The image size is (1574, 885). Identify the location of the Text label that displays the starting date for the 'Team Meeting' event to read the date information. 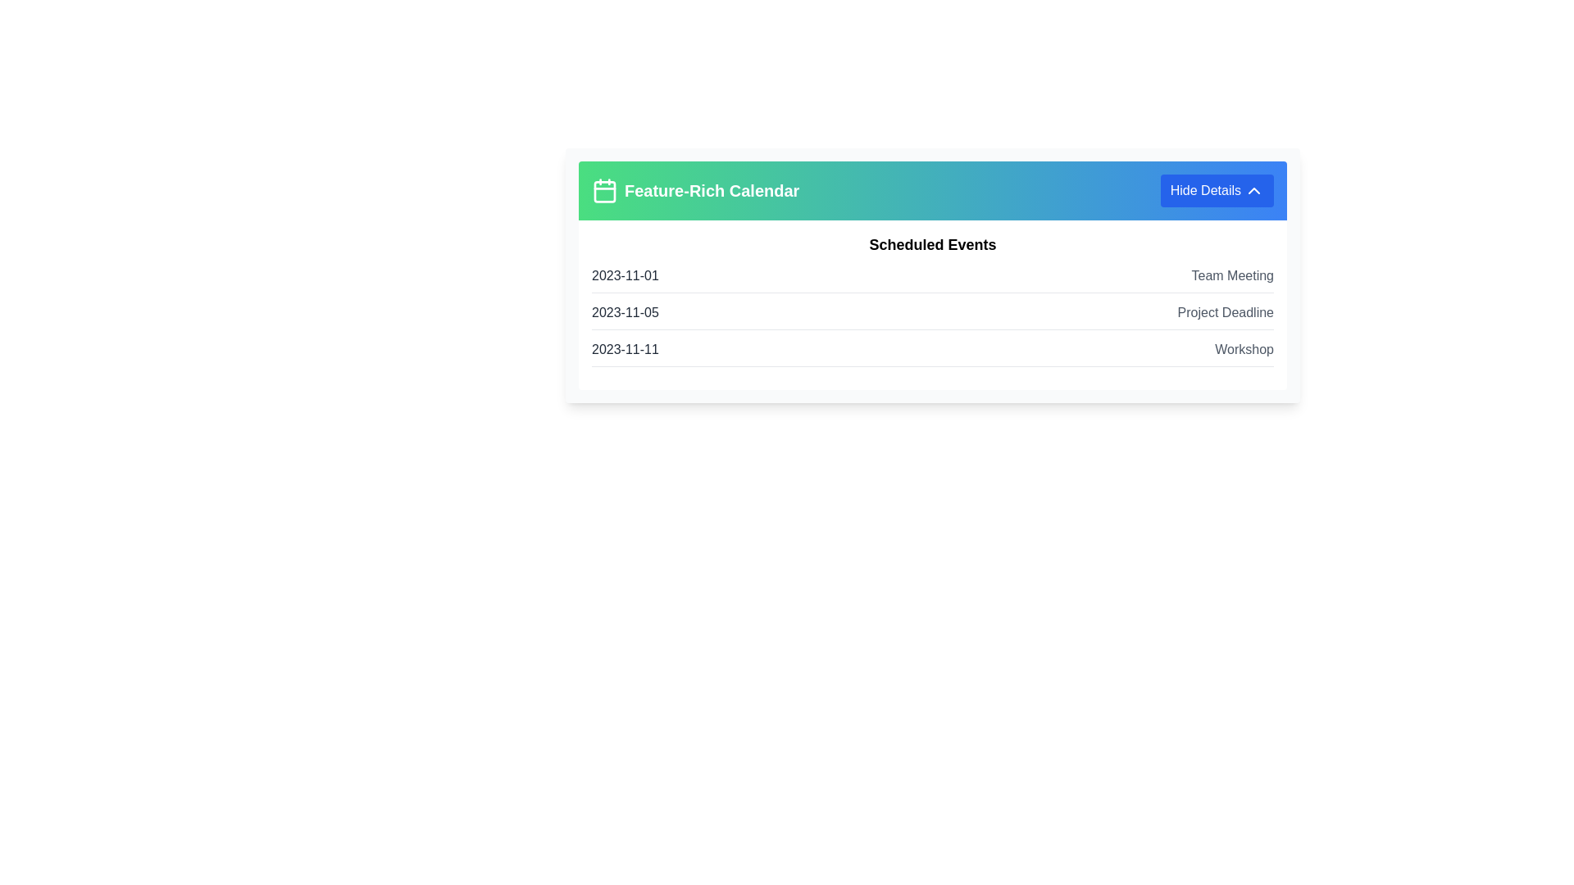
(625, 275).